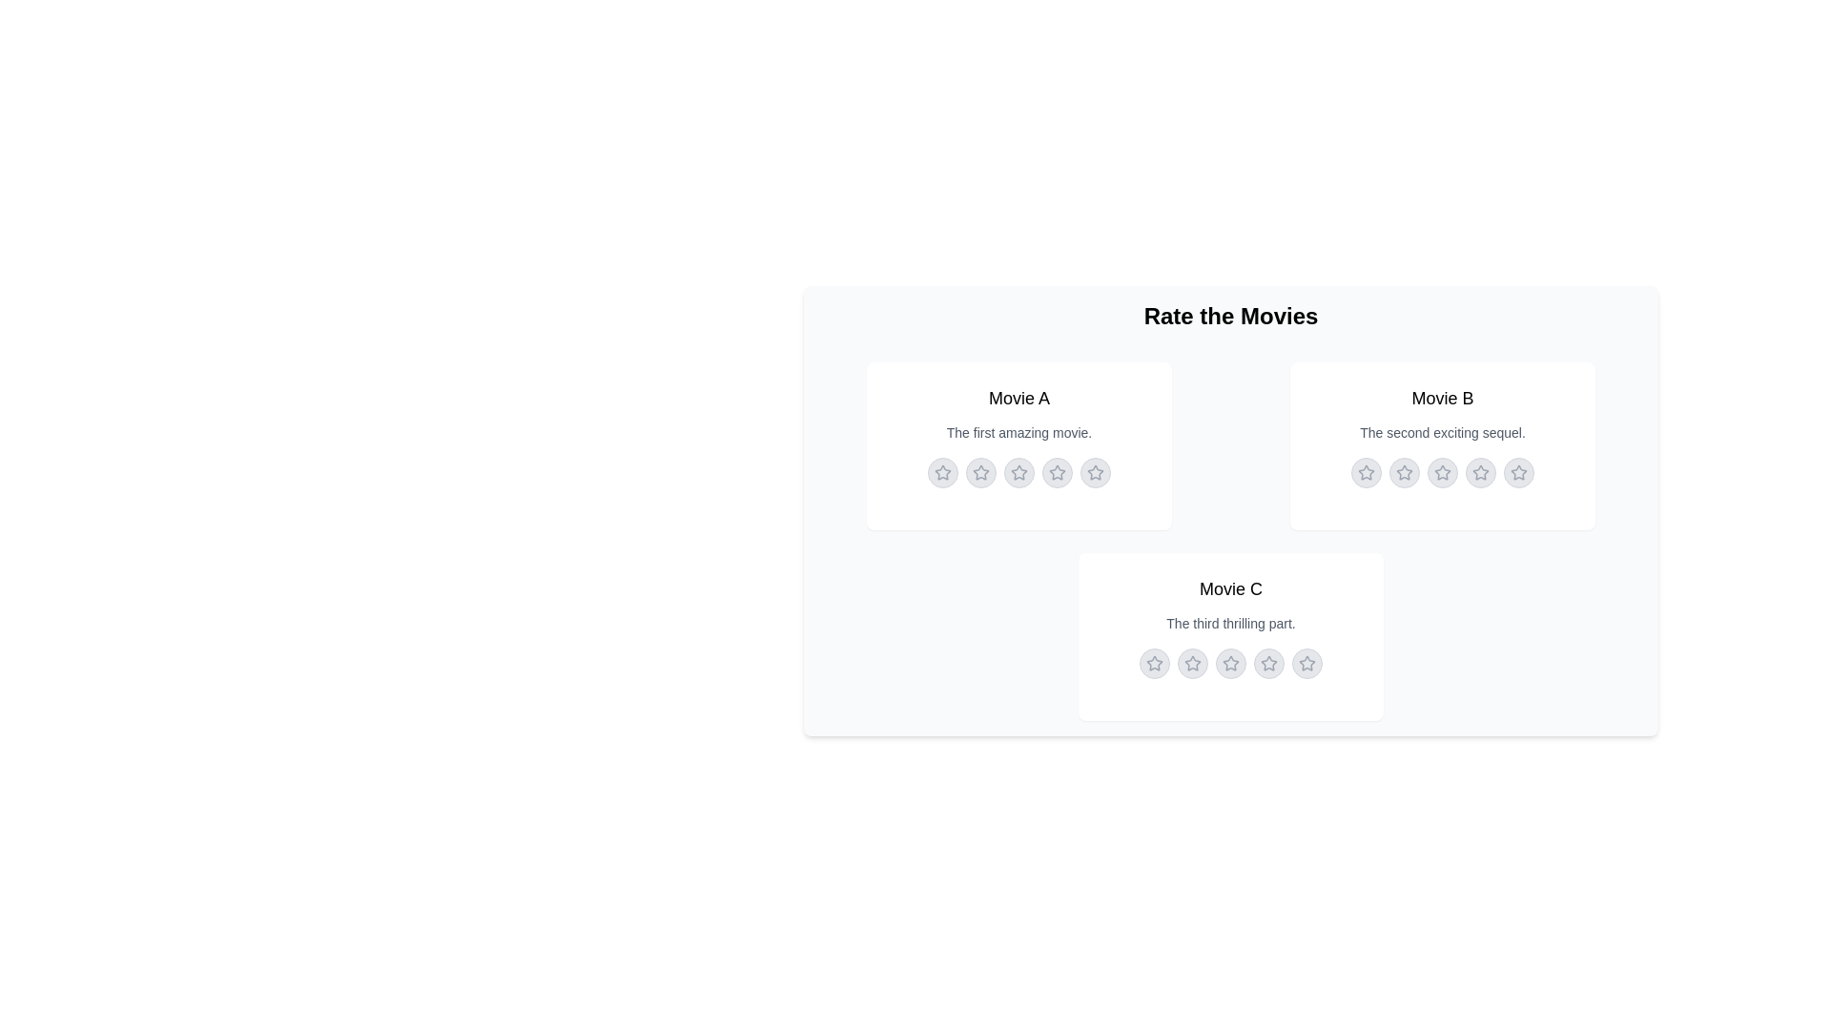 The height and width of the screenshot is (1030, 1831). I want to click on the first star rating icon located under 'Movie A', so click(942, 472).